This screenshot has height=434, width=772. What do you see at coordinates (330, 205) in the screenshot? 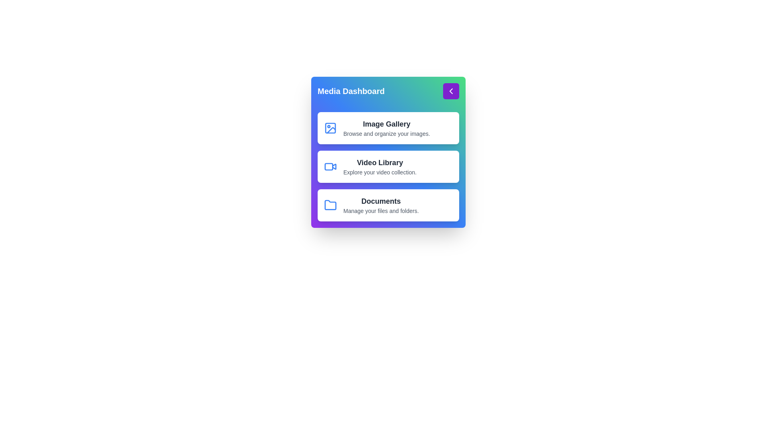
I see `the icon of the media gallery corresponding to Documents` at bounding box center [330, 205].